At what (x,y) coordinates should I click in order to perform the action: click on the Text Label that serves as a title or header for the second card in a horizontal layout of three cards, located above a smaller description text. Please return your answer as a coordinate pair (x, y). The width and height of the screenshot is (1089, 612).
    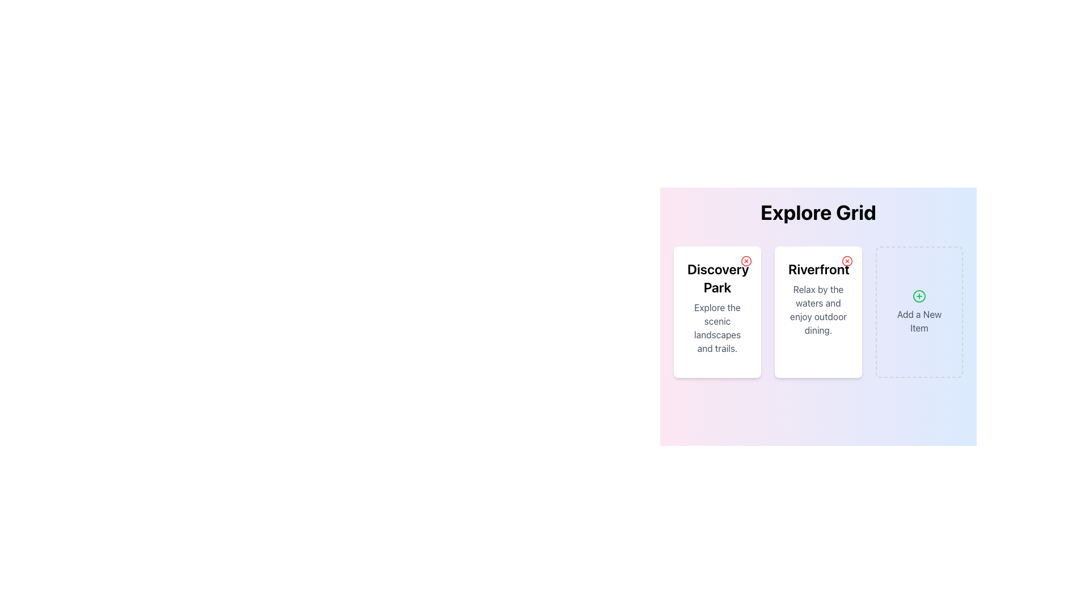
    Looking at the image, I should click on (818, 269).